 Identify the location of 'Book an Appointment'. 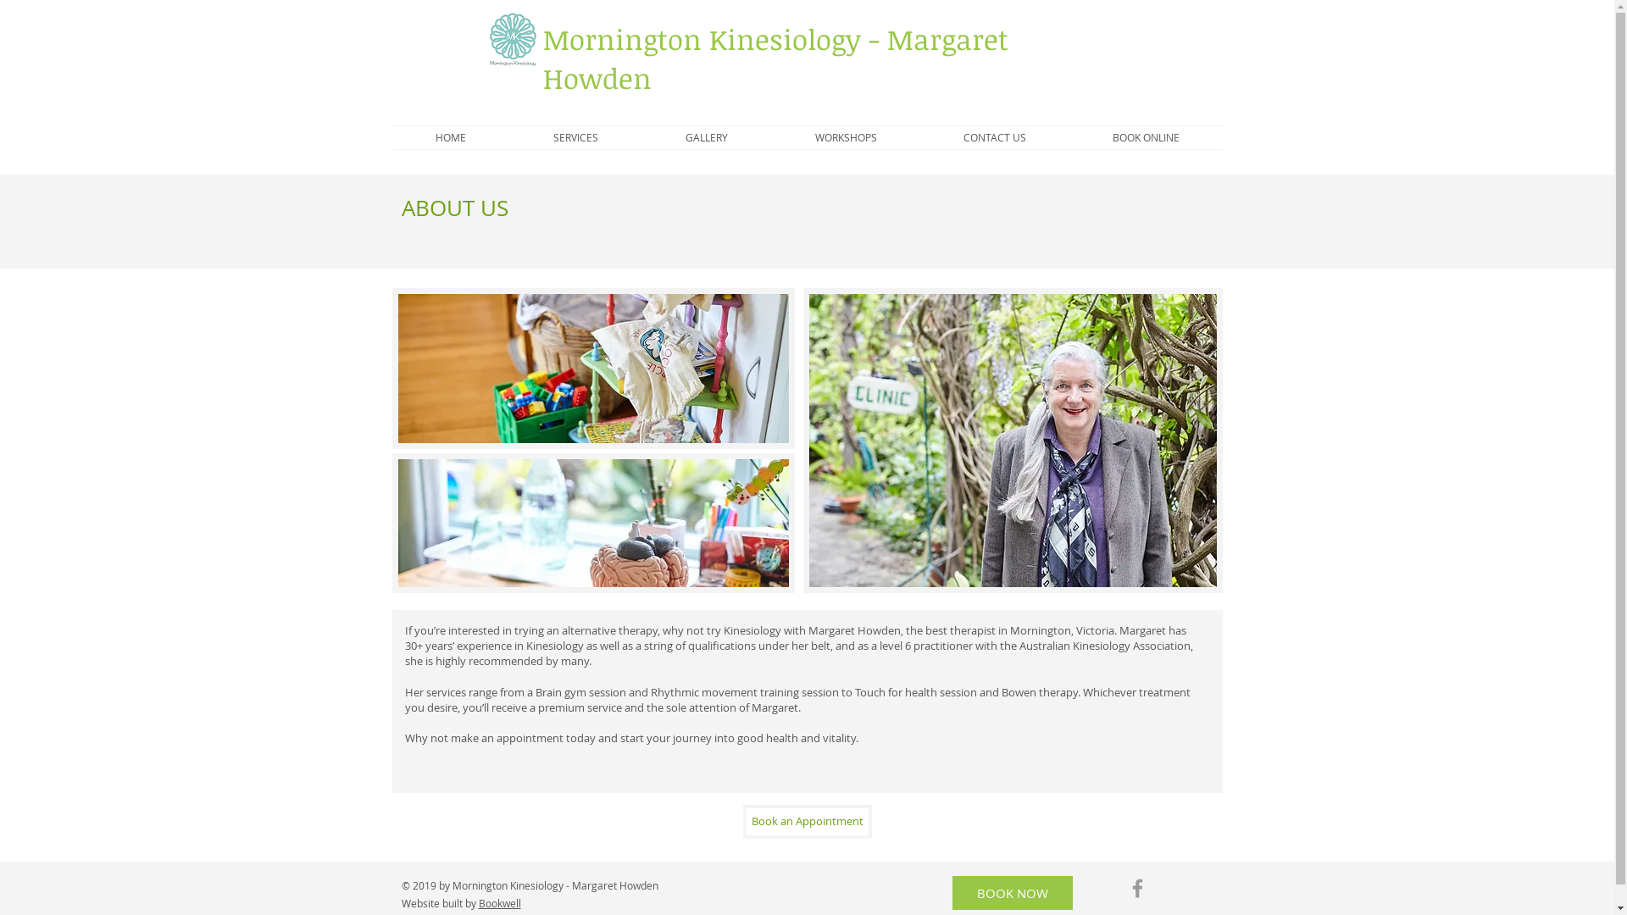
(805, 820).